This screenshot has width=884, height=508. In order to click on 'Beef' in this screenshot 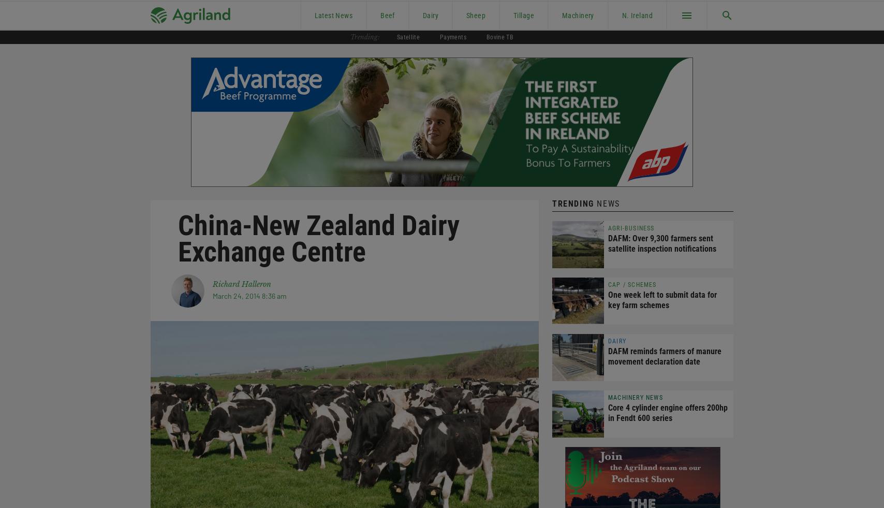, I will do `click(387, 14)`.